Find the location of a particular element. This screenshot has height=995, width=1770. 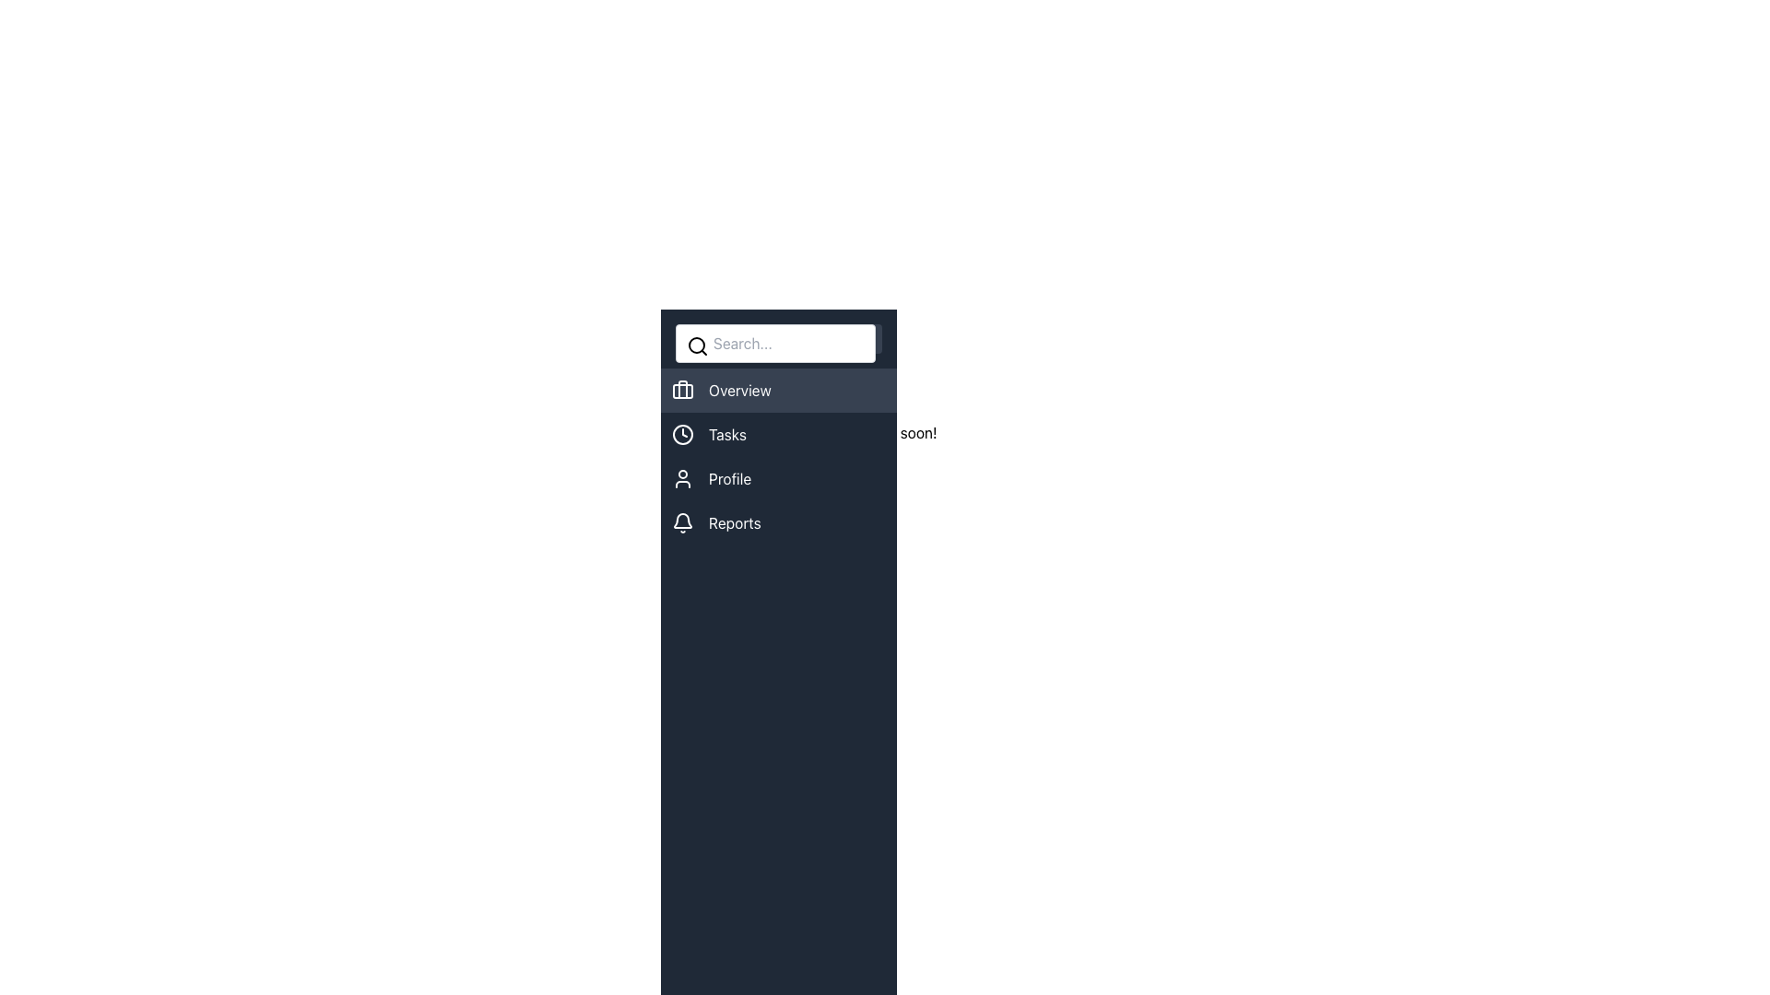

the 'Profile' button in the navigation sidebar is located at coordinates (778, 478).